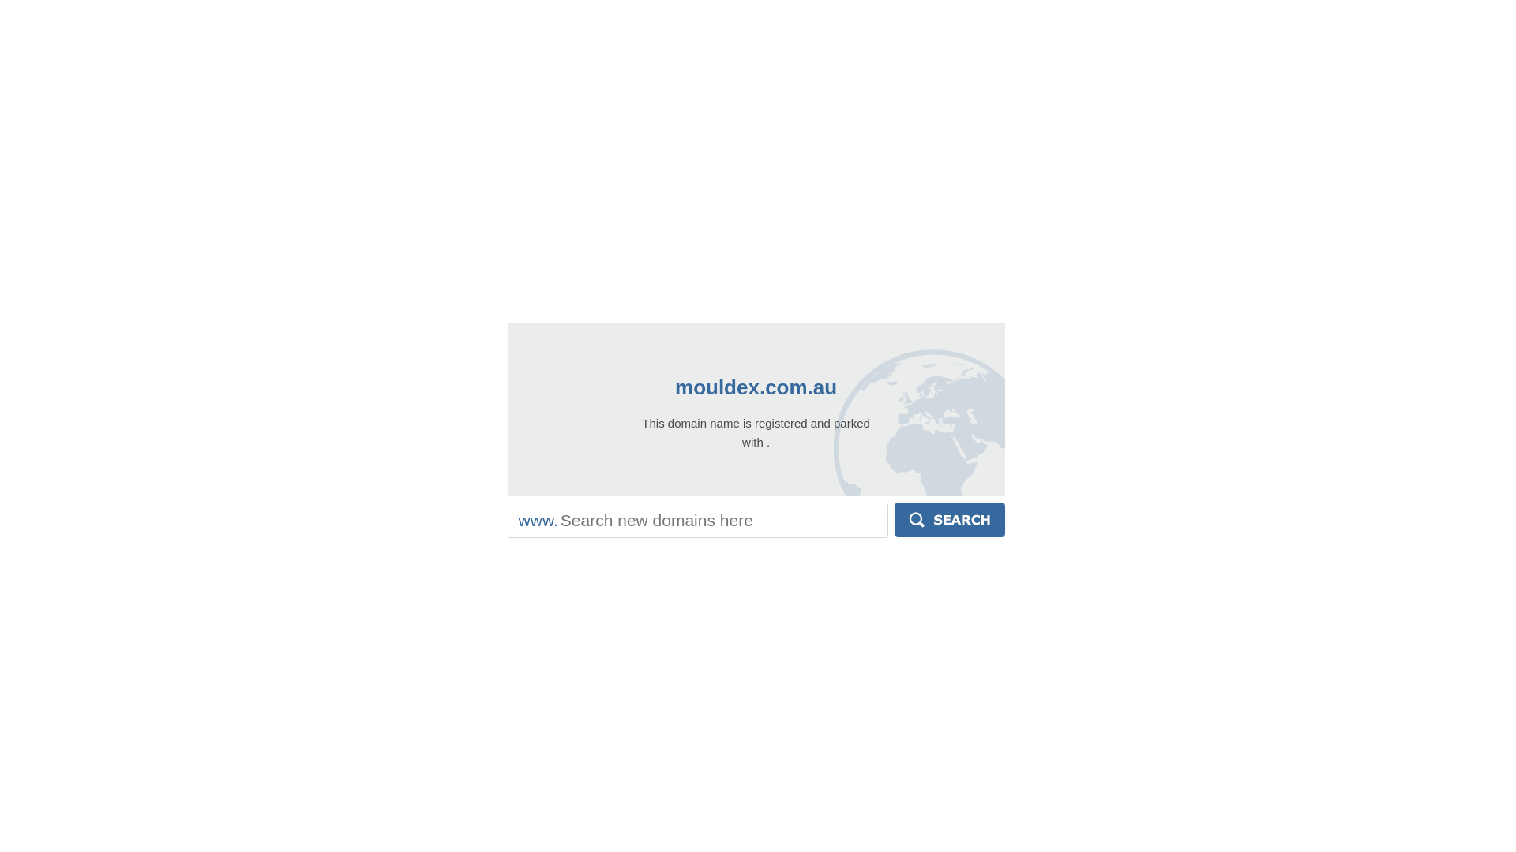 Image resolution: width=1516 pixels, height=852 pixels. What do you see at coordinates (949, 520) in the screenshot?
I see `'Search'` at bounding box center [949, 520].